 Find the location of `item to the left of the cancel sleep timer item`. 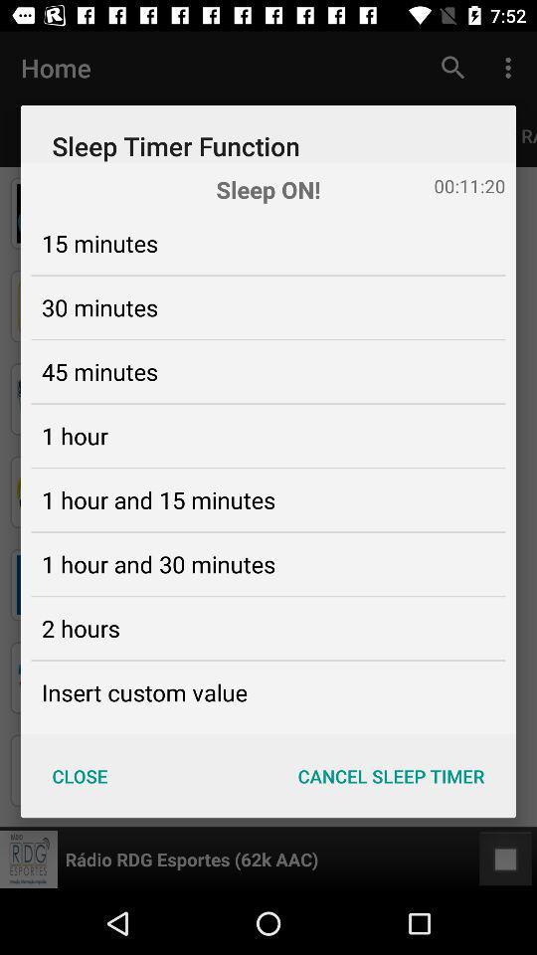

item to the left of the cancel sleep timer item is located at coordinates (79, 775).